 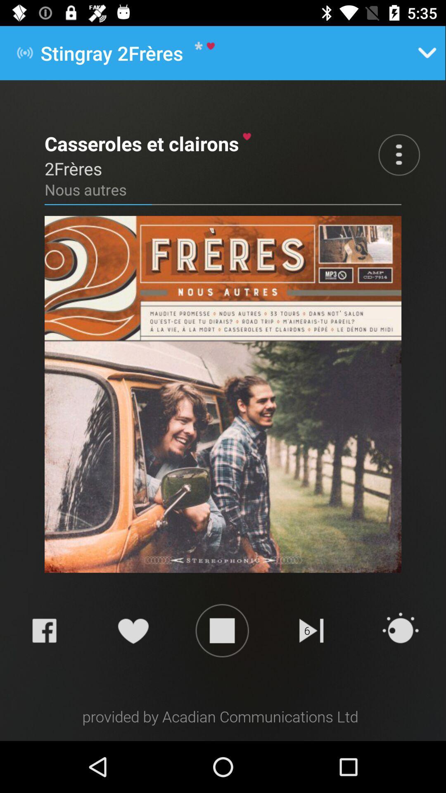 What do you see at coordinates (133, 630) in the screenshot?
I see `the favorite icon` at bounding box center [133, 630].